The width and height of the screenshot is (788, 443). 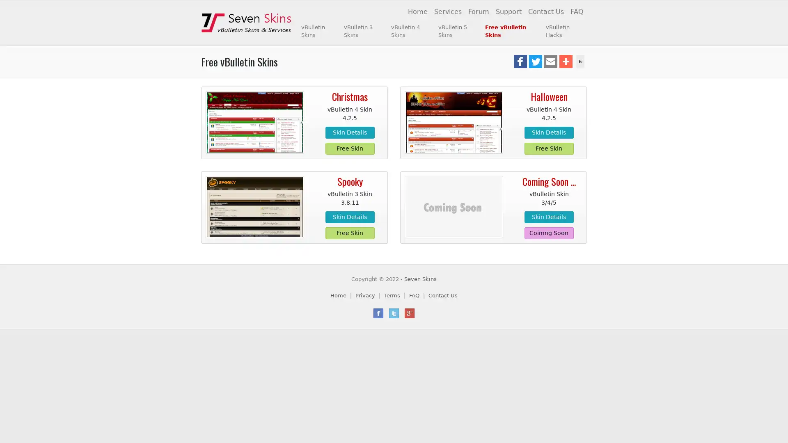 What do you see at coordinates (349, 233) in the screenshot?
I see `Free Skin` at bounding box center [349, 233].